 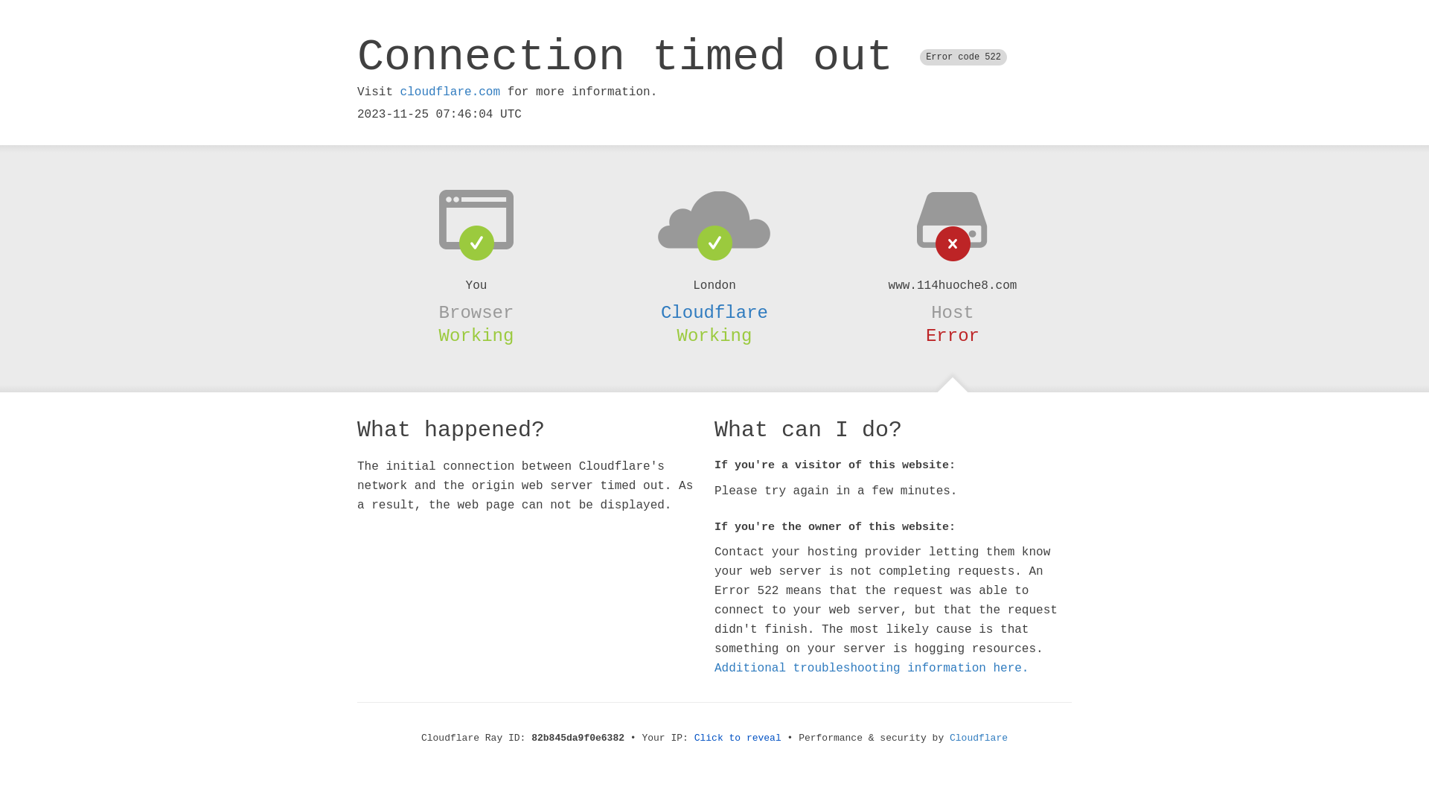 What do you see at coordinates (872, 668) in the screenshot?
I see `'Additional troubleshooting information here.'` at bounding box center [872, 668].